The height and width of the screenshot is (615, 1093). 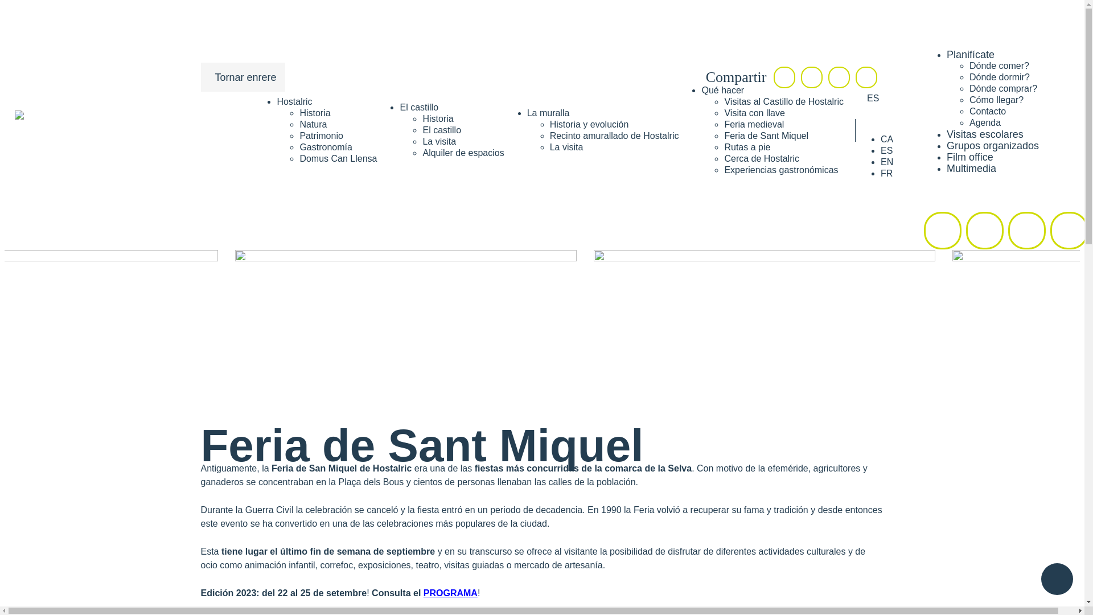 I want to click on 'El castillo', so click(x=399, y=107).